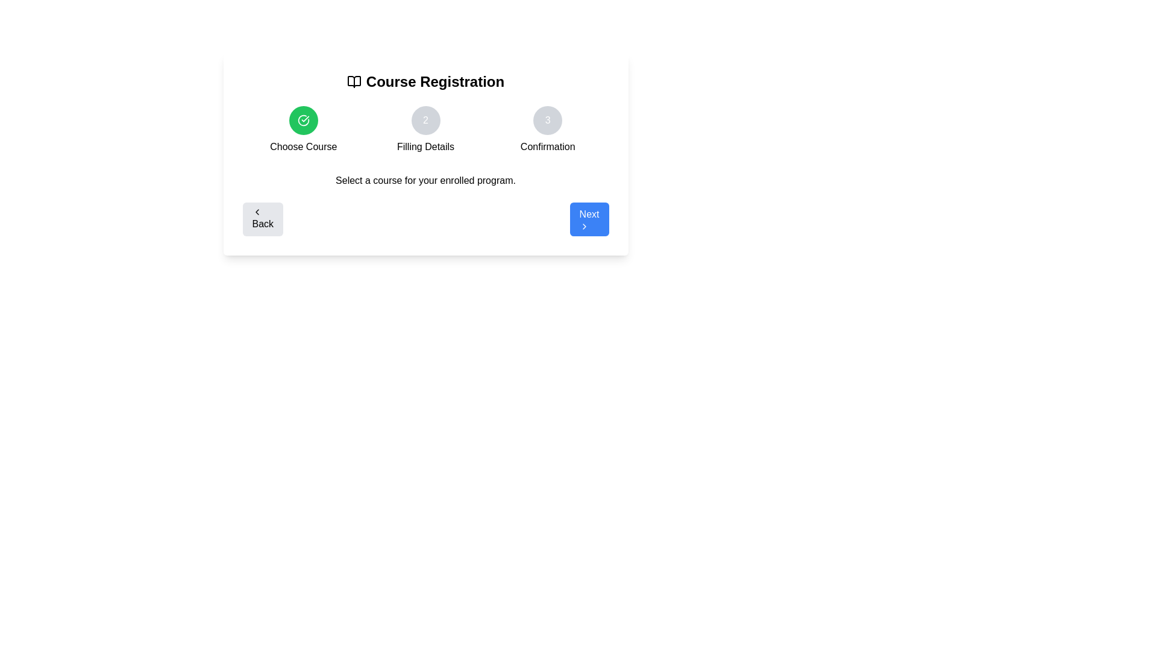  I want to click on the static text label displaying 'Select a course for your enrolled program.' which is centrally located below the progress indicators and above the navigation buttons, so click(425, 181).